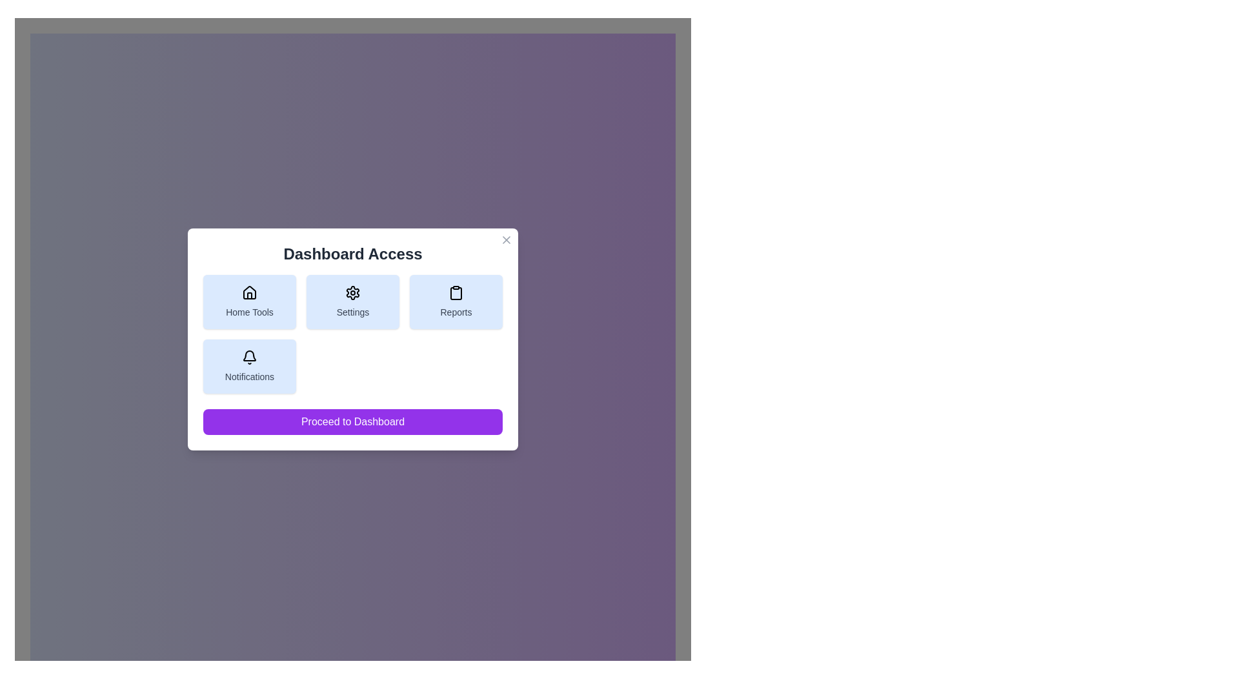 This screenshot has width=1239, height=697. Describe the element at coordinates (353, 254) in the screenshot. I see `text of the Label or Header located centrally at the top of the modal, below the close button` at that location.